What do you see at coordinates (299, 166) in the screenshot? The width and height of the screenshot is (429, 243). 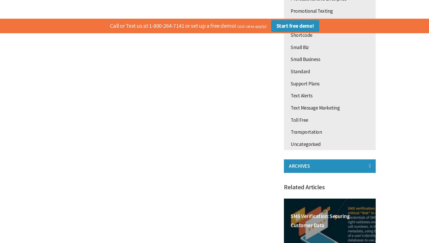 I see `'Archives'` at bounding box center [299, 166].